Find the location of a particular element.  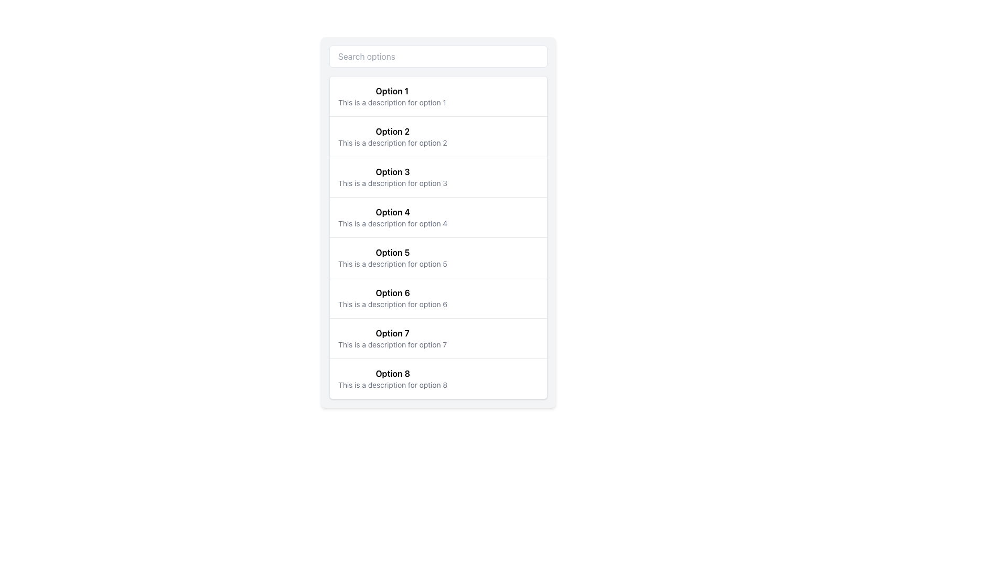

the bold text label labeled 'Option 3', which is the title of the third item in a vertical list of options is located at coordinates (392, 171).